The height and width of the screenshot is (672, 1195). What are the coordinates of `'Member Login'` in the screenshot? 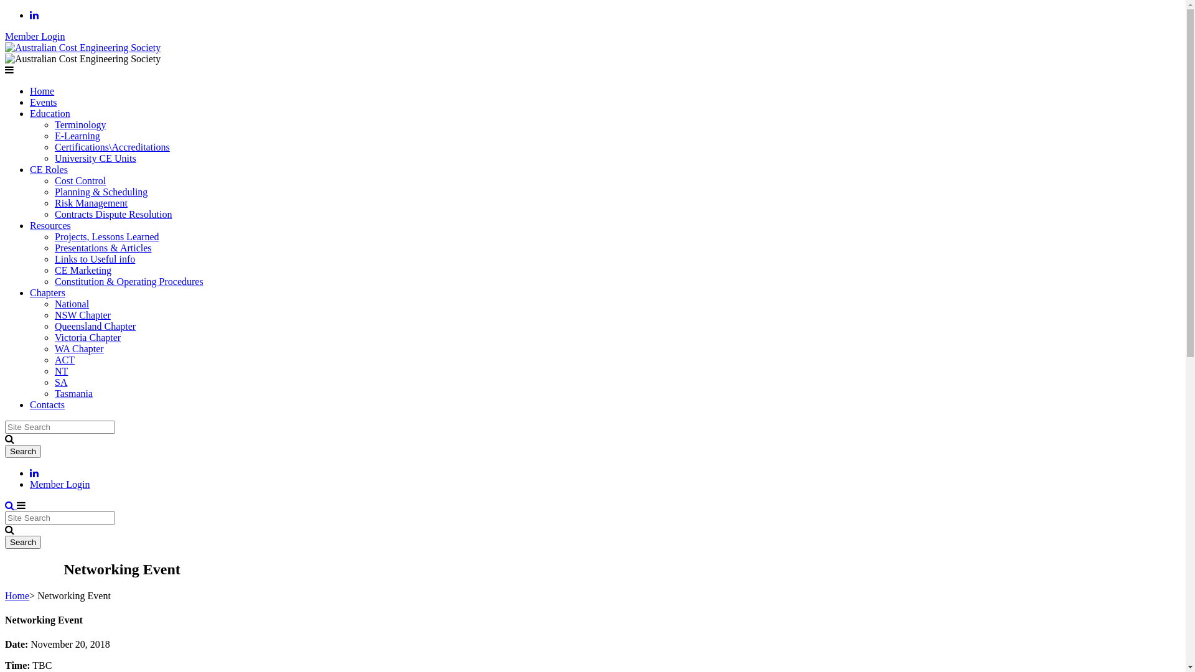 It's located at (59, 483).